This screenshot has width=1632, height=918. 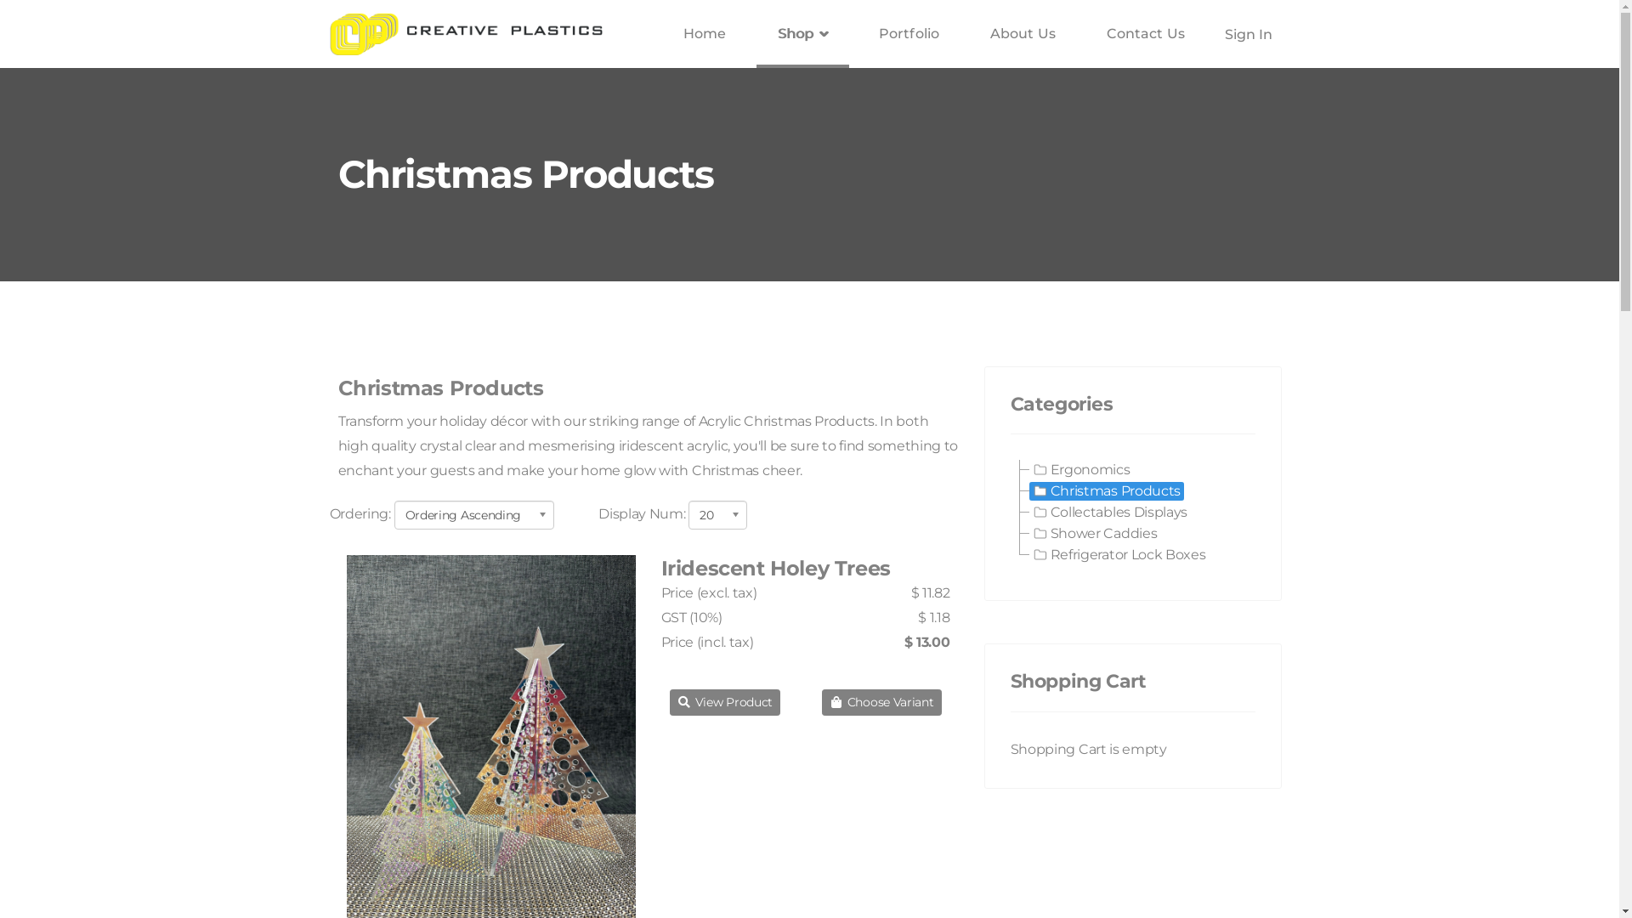 I want to click on 'Ordering Ascending', so click(x=474, y=513).